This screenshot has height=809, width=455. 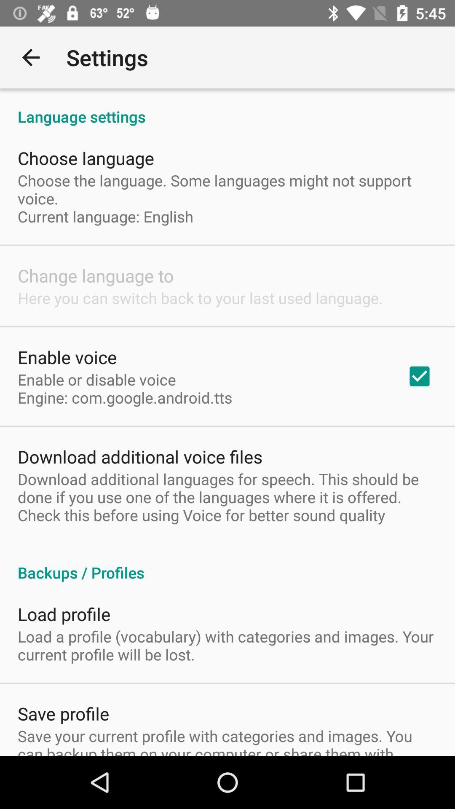 I want to click on item above choose language, so click(x=227, y=107).